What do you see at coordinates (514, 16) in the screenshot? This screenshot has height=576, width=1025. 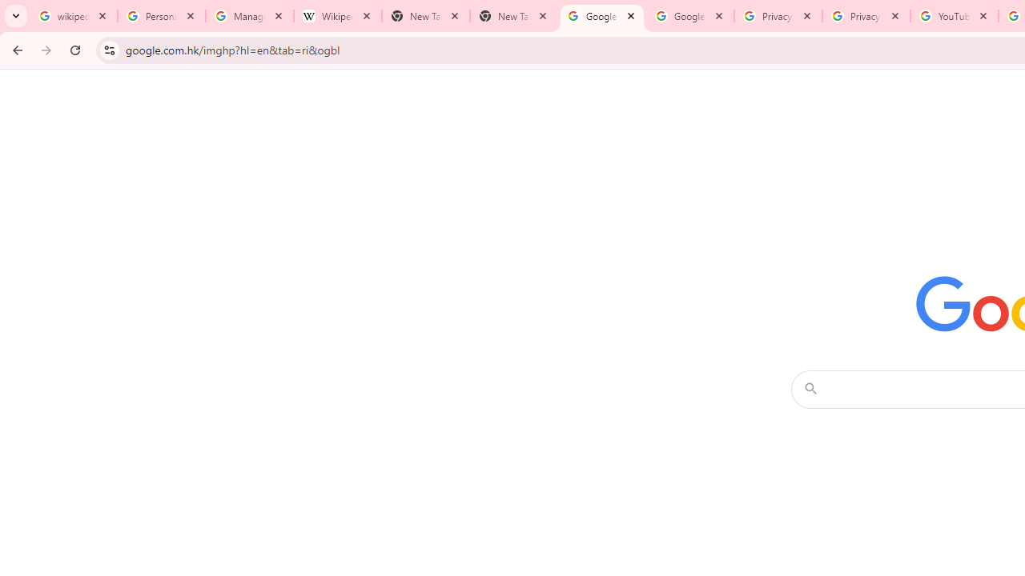 I see `'New Tab'` at bounding box center [514, 16].